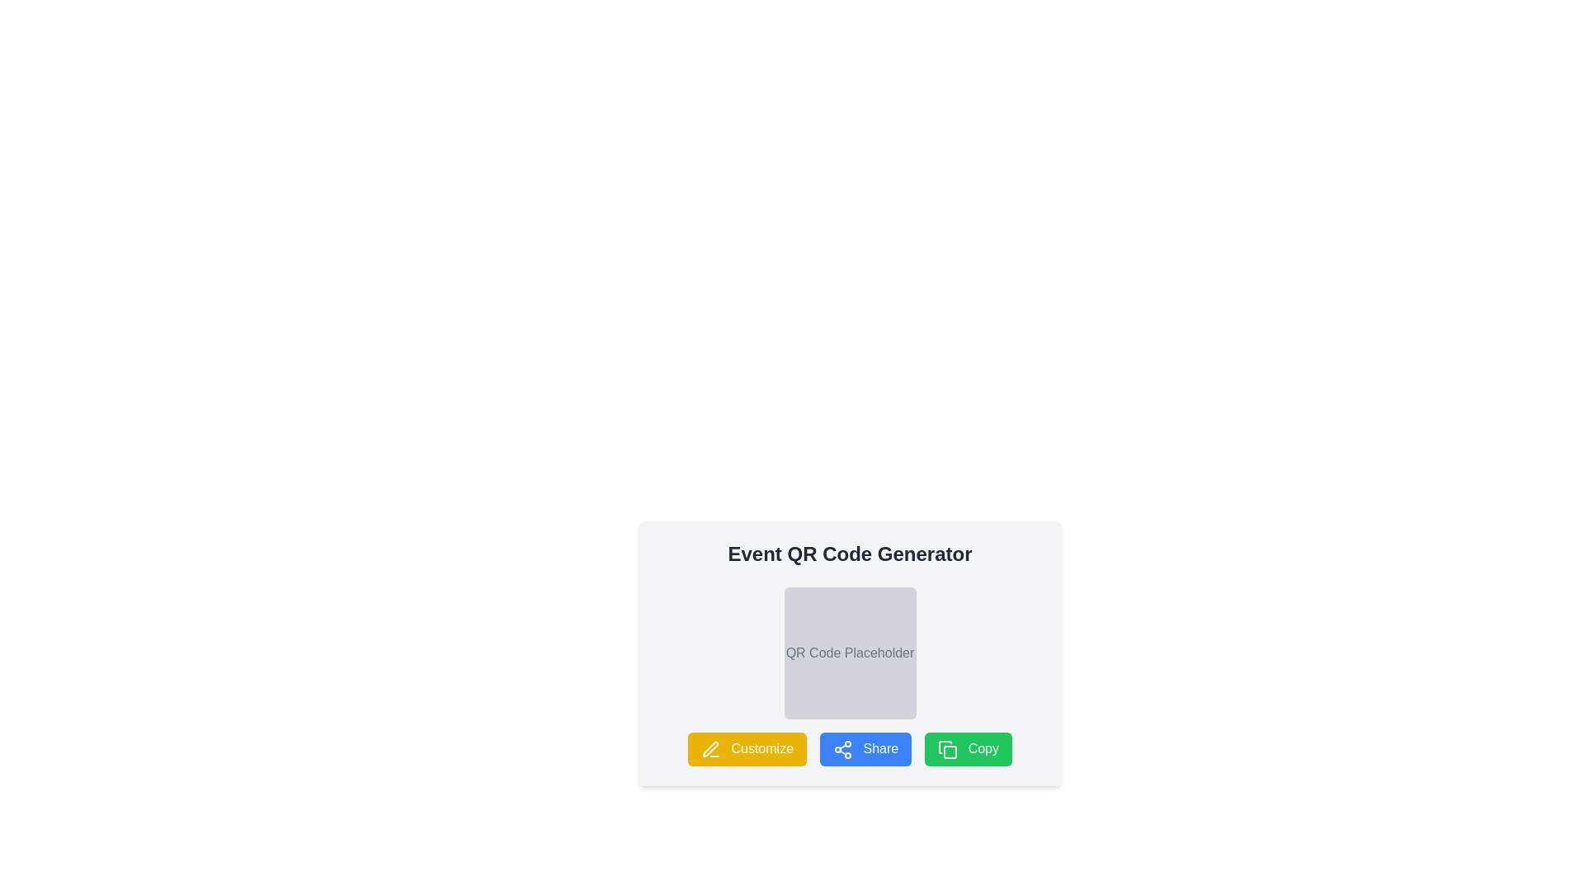 Image resolution: width=1584 pixels, height=891 pixels. What do you see at coordinates (948, 749) in the screenshot?
I see `the leftmost 'Copy' icon of the green 'Copy' button located in the bottom row of buttons under the QR code placeholder` at bounding box center [948, 749].